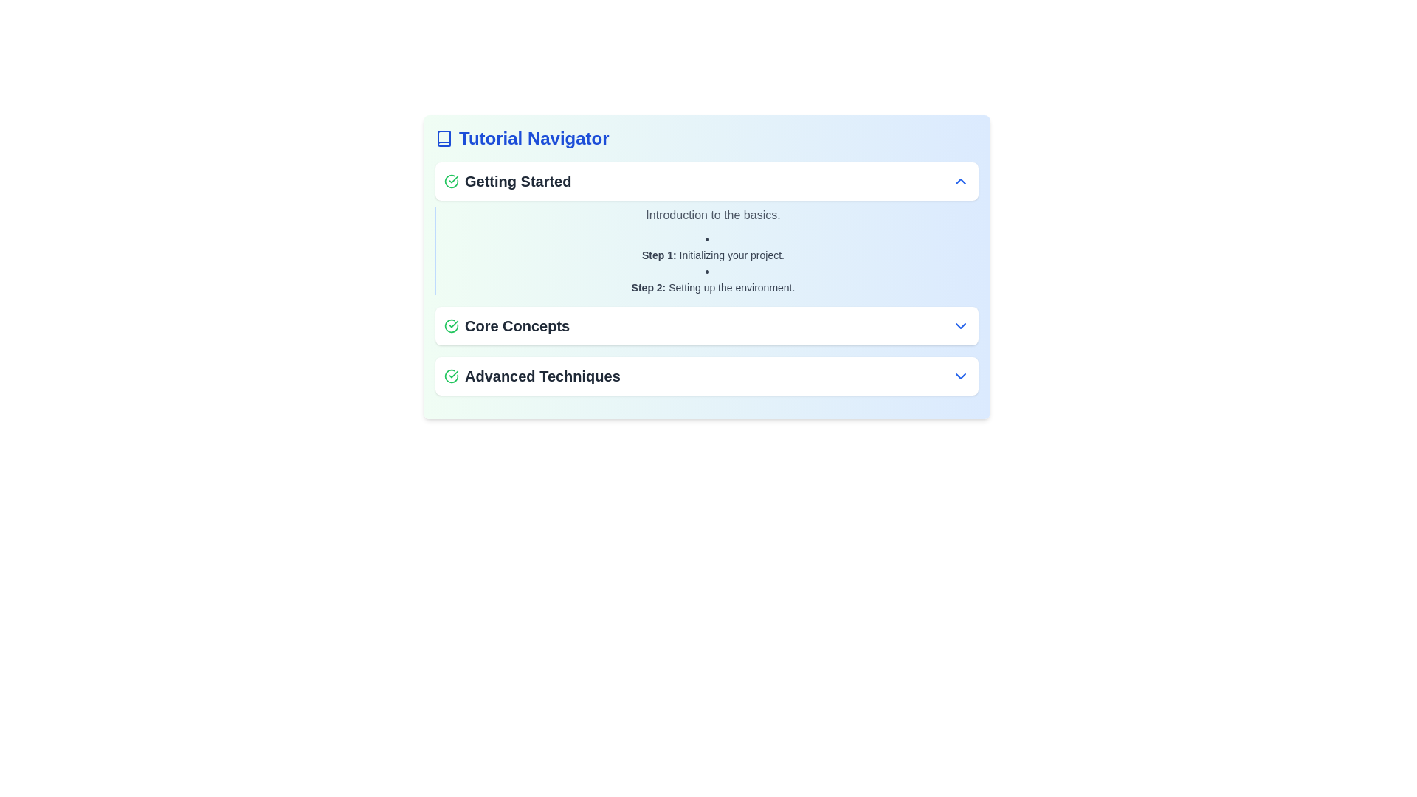  What do you see at coordinates (960, 375) in the screenshot?
I see `the downward-pointing chevron icon styled in blue` at bounding box center [960, 375].